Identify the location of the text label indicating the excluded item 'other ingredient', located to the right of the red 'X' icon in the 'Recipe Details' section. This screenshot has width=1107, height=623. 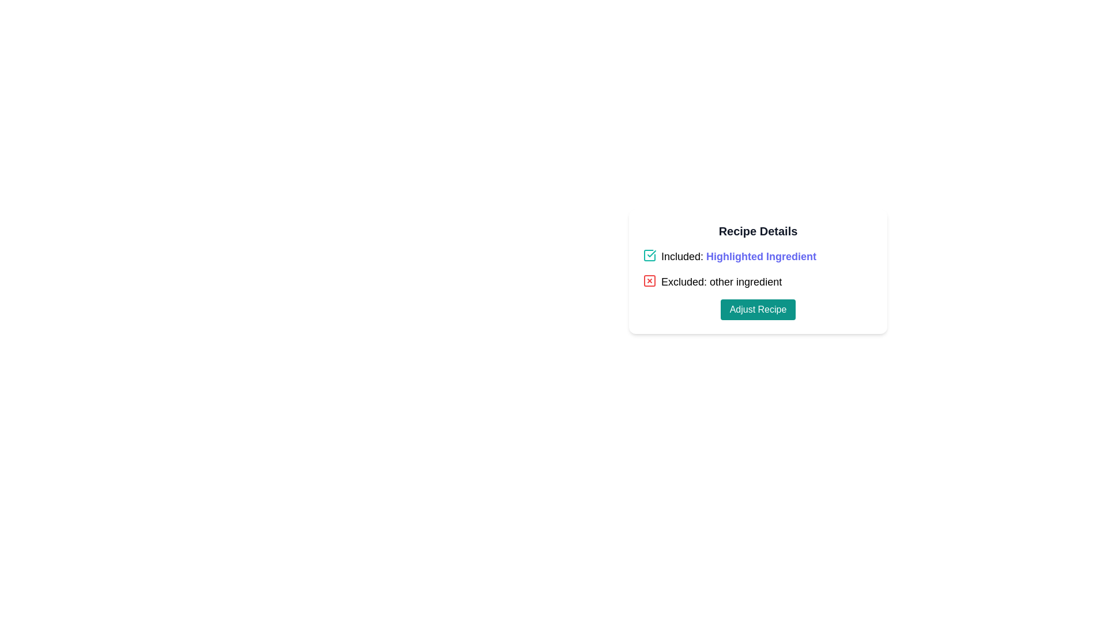
(721, 282).